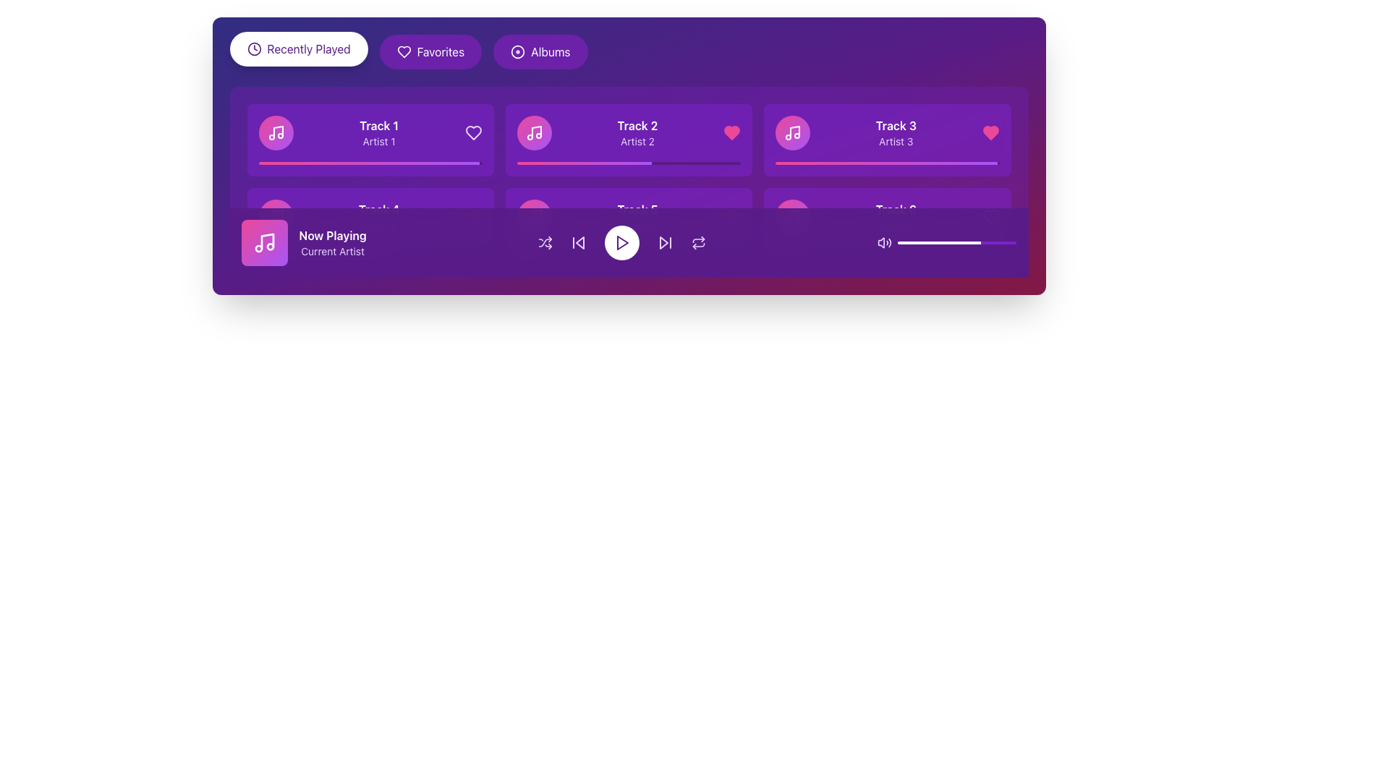 The image size is (1389, 781). I want to click on the progress bar located within the 'Track 3' card, which displays a horizontal gradient from pink to purple, positioned beneath the 'Track 3' label, so click(886, 163).